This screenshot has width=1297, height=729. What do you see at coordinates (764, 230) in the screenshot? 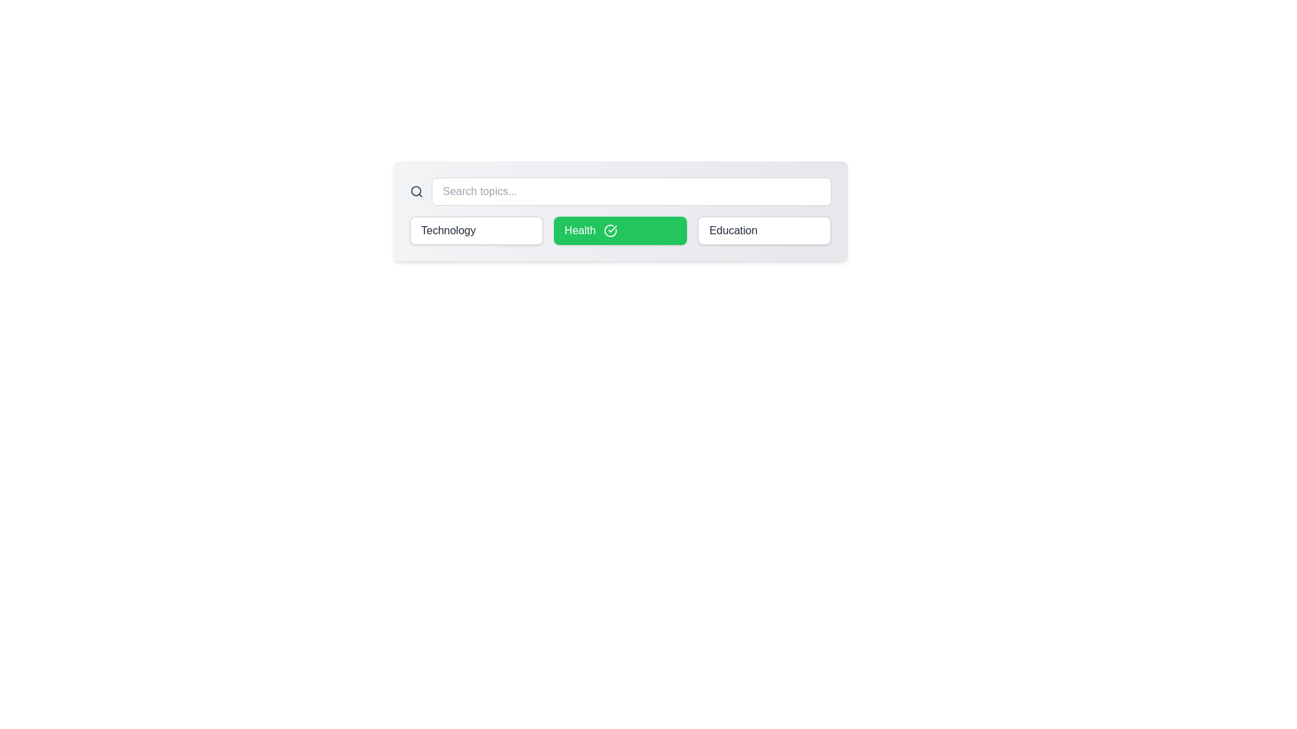
I see `the chip labeled Education to see its hover effect` at bounding box center [764, 230].